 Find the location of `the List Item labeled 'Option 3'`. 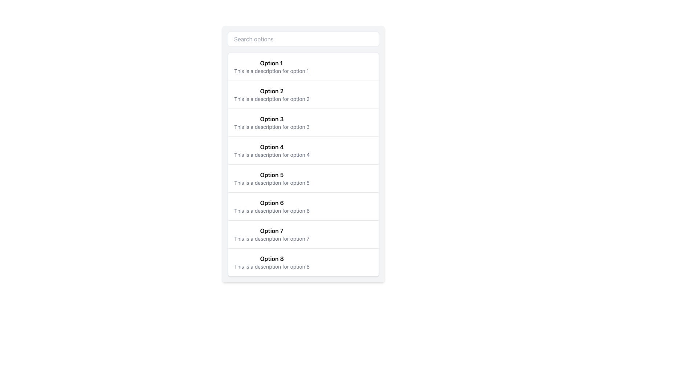

the List Item labeled 'Option 3' is located at coordinates (271, 122).